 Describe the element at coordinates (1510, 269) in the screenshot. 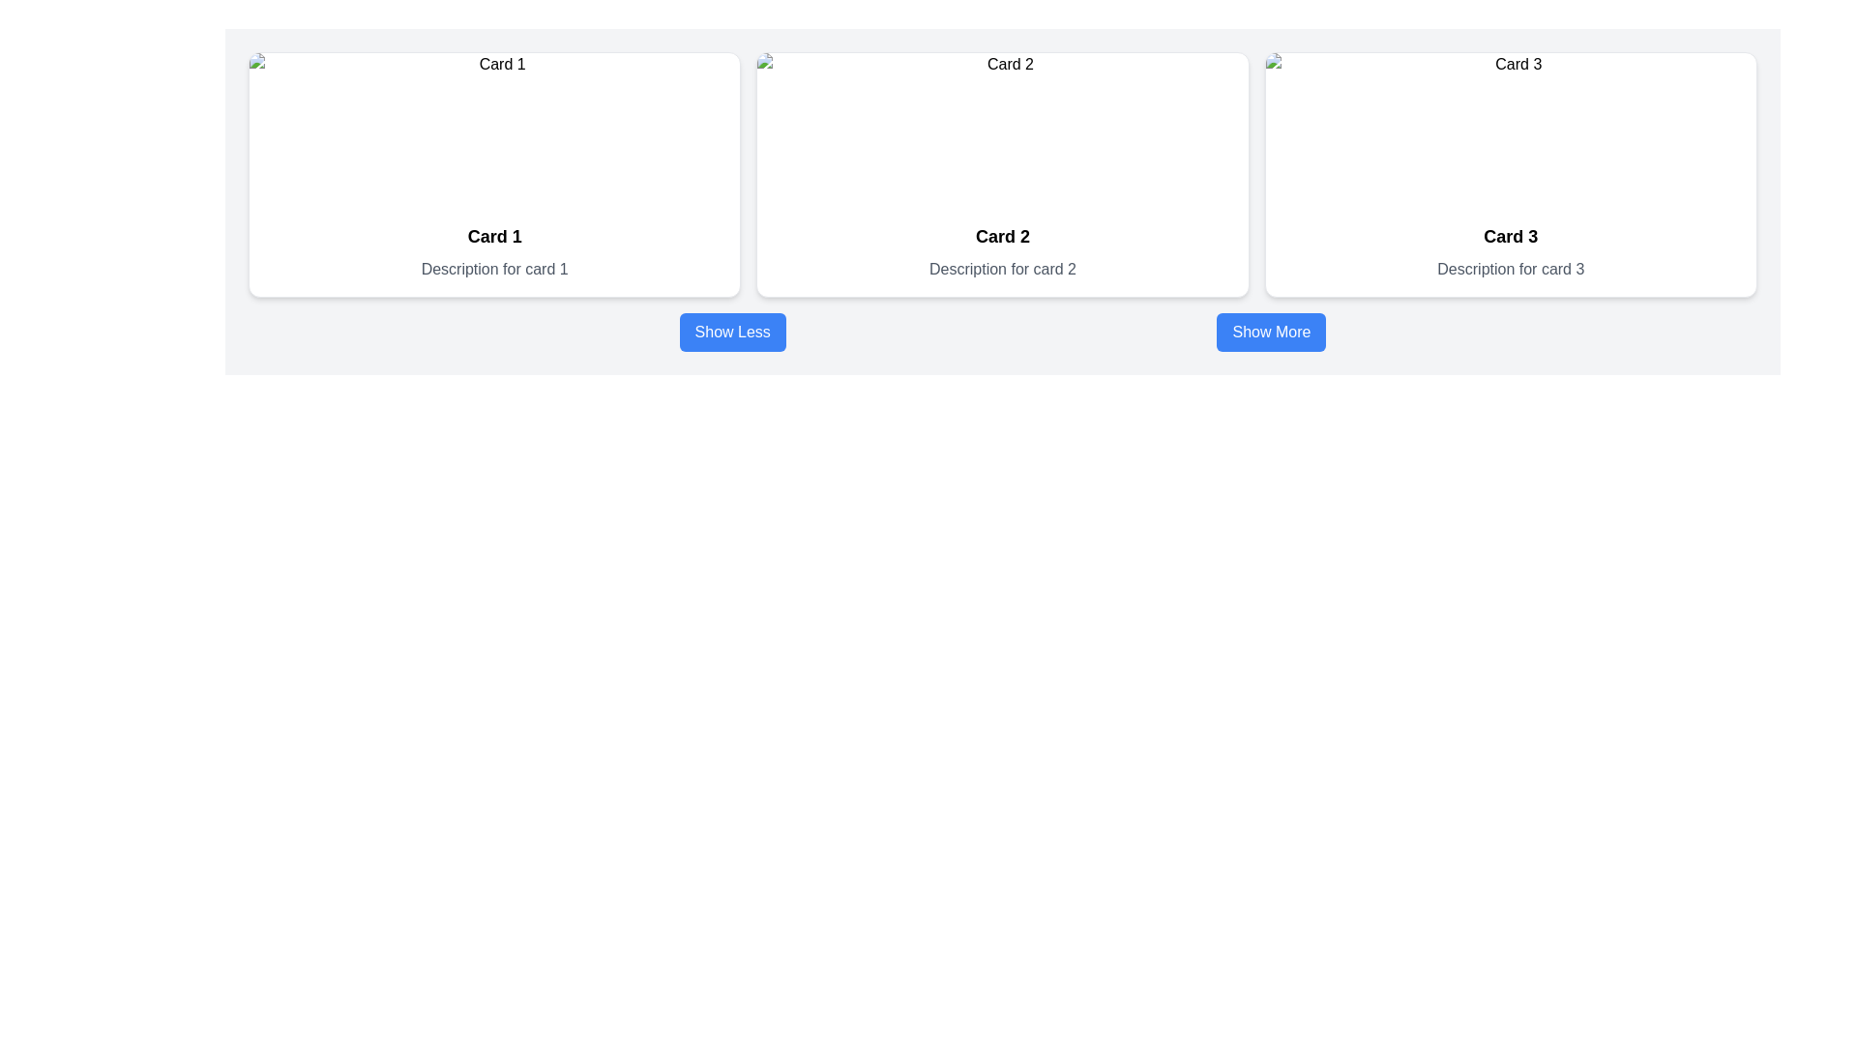

I see `the text display that shows 'Description for card 3', which is located below the title 'Card 3' in the third card of a horizontal arrangement of cards` at that location.